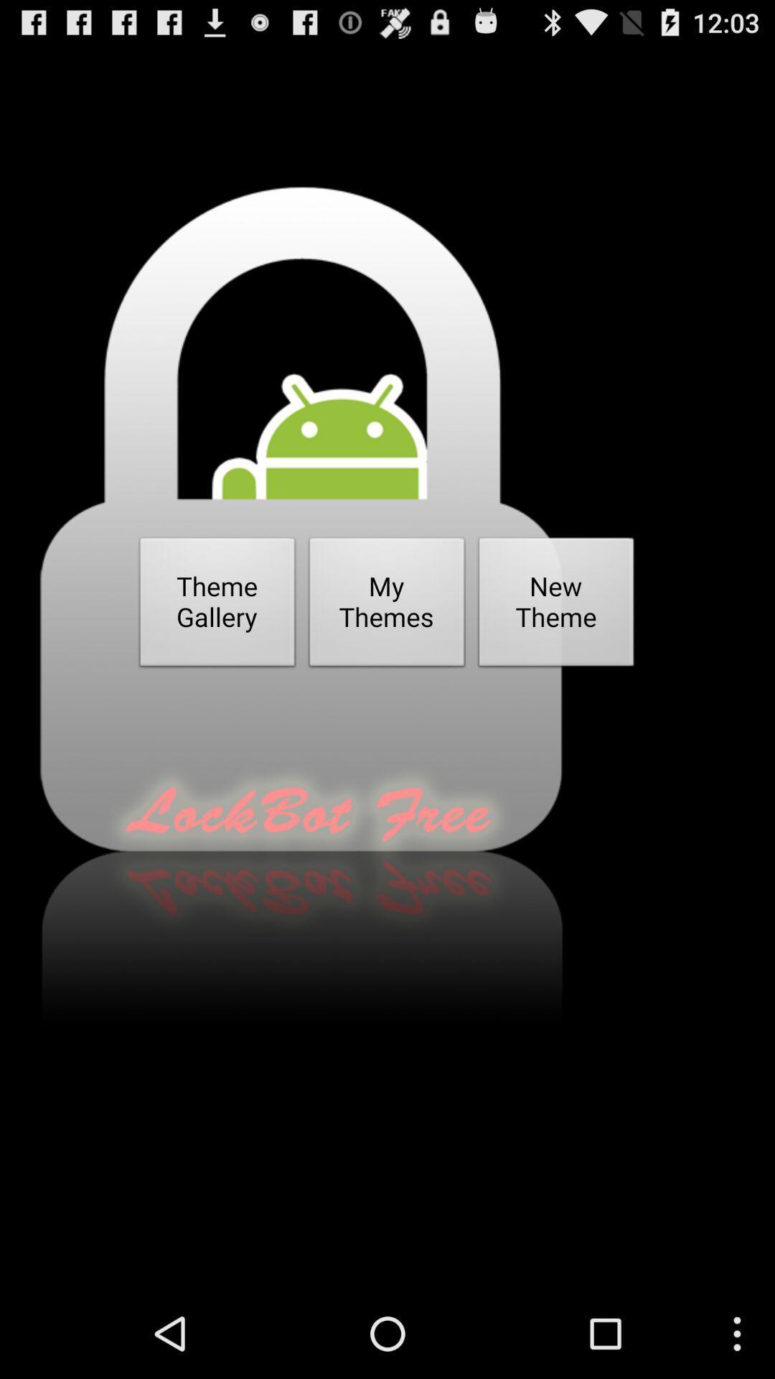 The width and height of the screenshot is (775, 1379). Describe the element at coordinates (555, 606) in the screenshot. I see `item to the right of the my themes item` at that location.